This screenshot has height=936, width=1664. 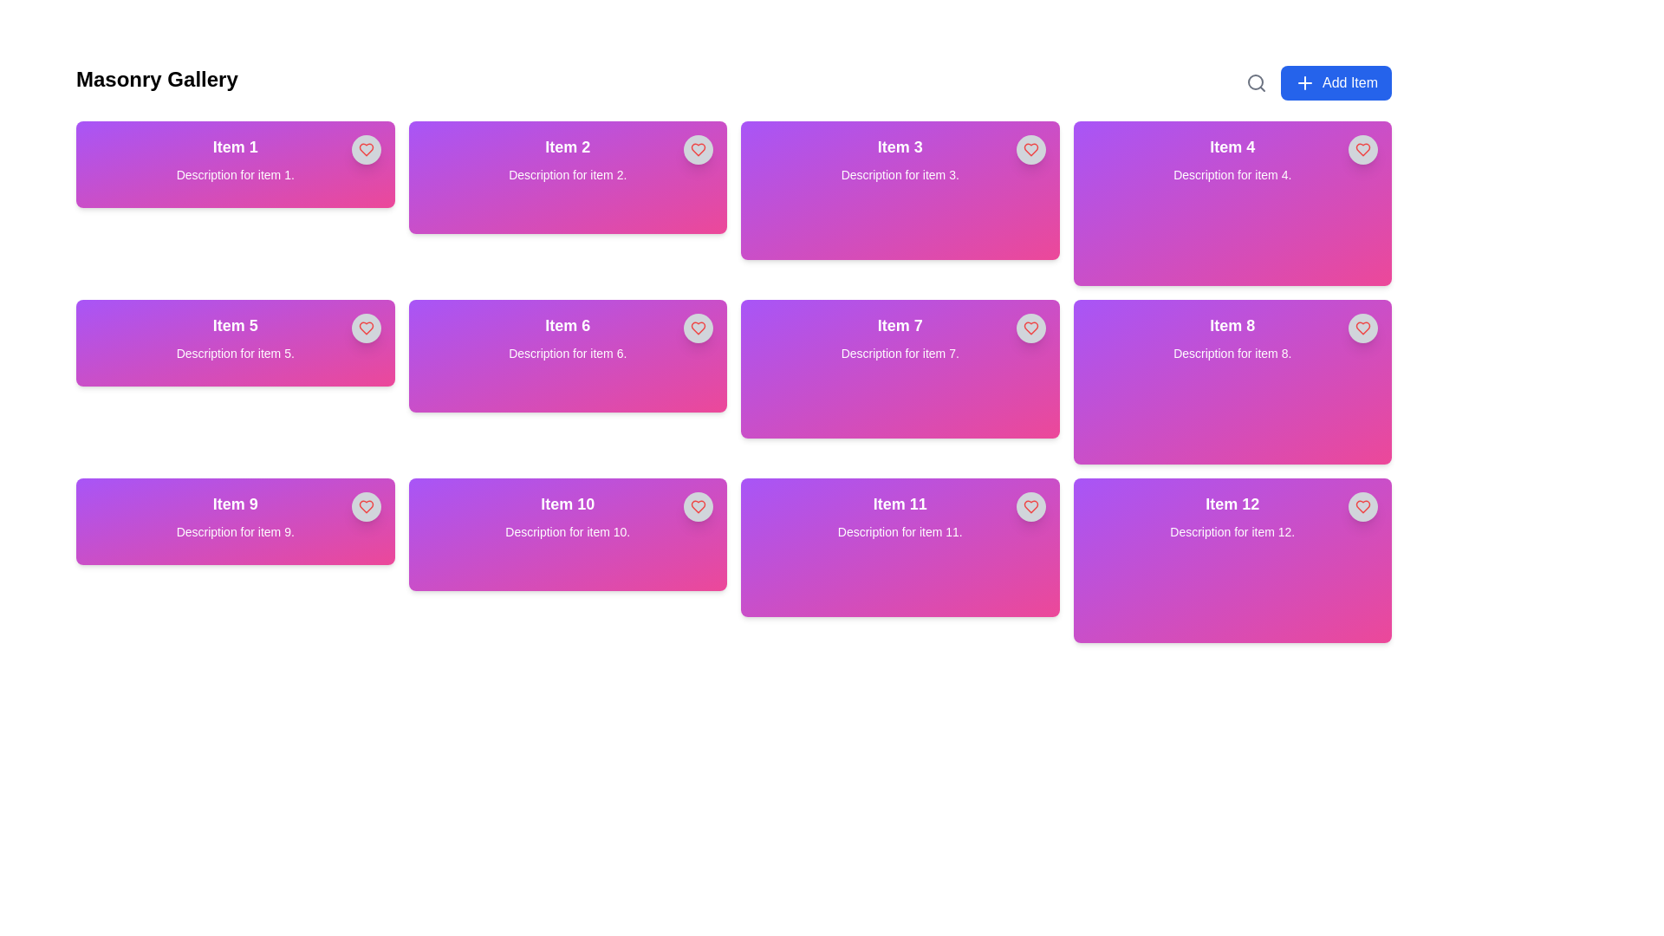 What do you see at coordinates (568, 353) in the screenshot?
I see `the static text element displaying 'Description for item 6.' which is located below the title 'Item 6' in a grid layout` at bounding box center [568, 353].